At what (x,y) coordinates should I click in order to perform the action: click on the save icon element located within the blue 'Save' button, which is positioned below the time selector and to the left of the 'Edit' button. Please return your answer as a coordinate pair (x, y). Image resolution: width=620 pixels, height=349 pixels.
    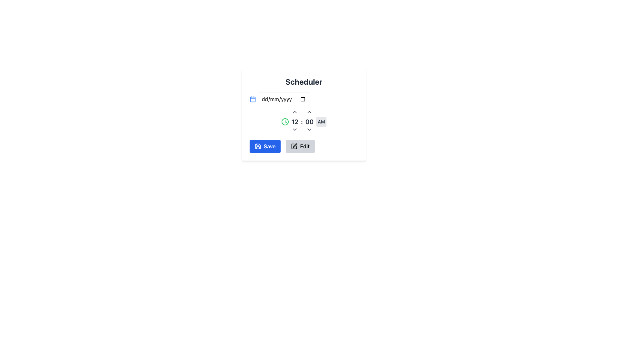
    Looking at the image, I should click on (257, 146).